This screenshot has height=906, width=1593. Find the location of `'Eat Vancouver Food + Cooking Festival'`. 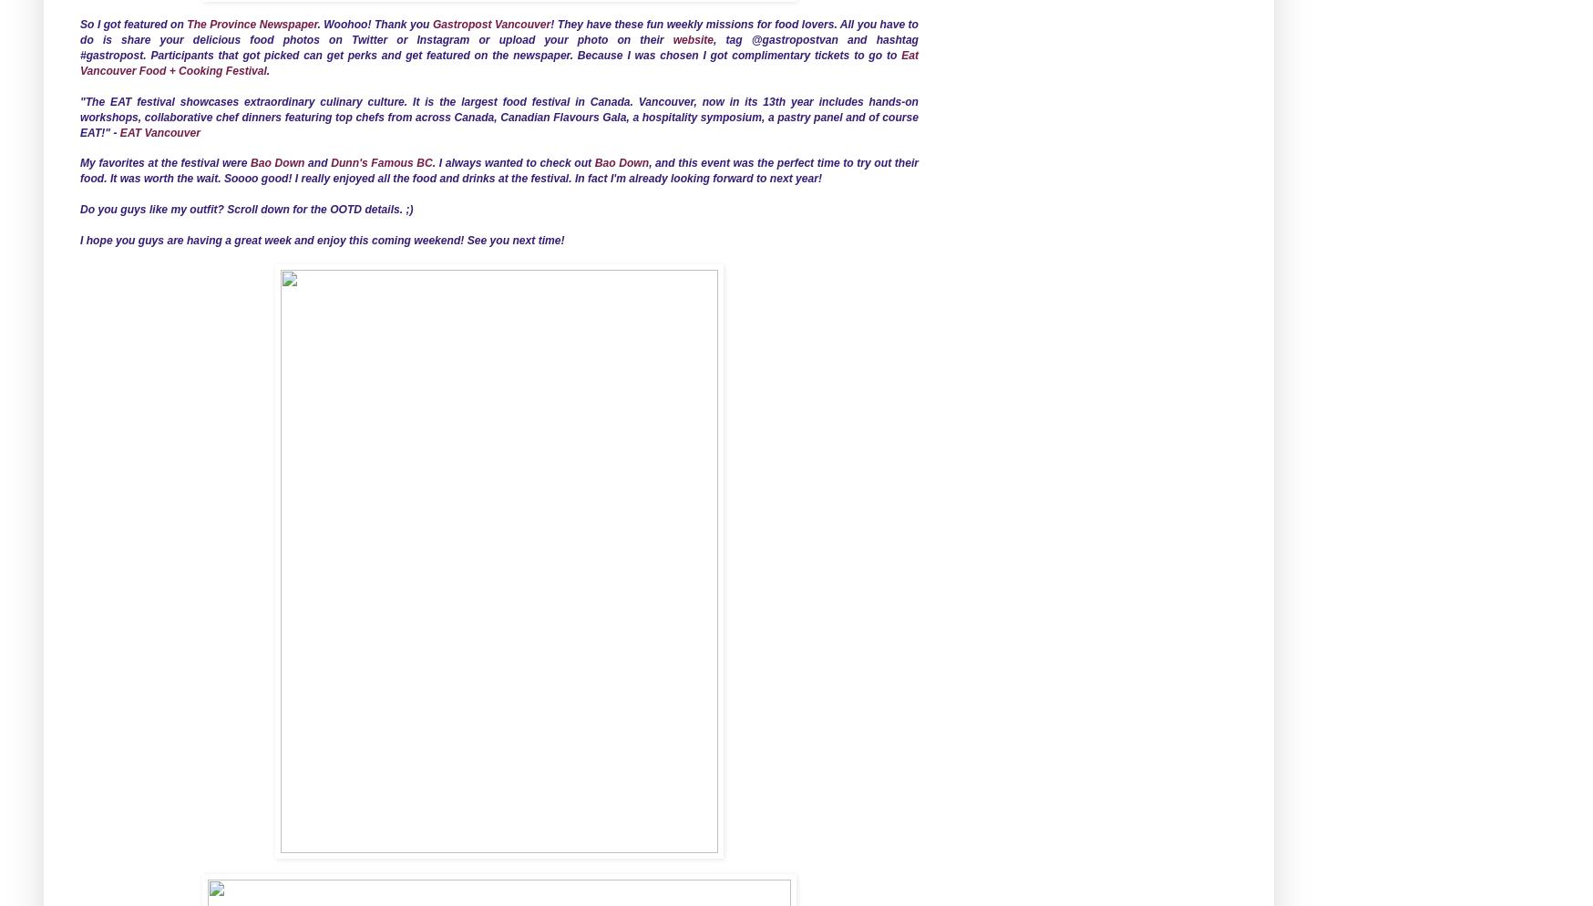

'Eat Vancouver Food + Cooking Festival' is located at coordinates (498, 61).